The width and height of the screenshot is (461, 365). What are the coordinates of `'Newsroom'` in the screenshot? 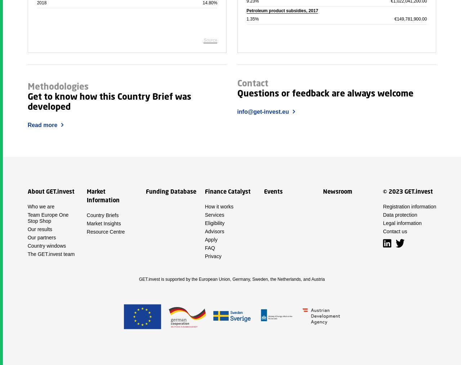 It's located at (337, 191).